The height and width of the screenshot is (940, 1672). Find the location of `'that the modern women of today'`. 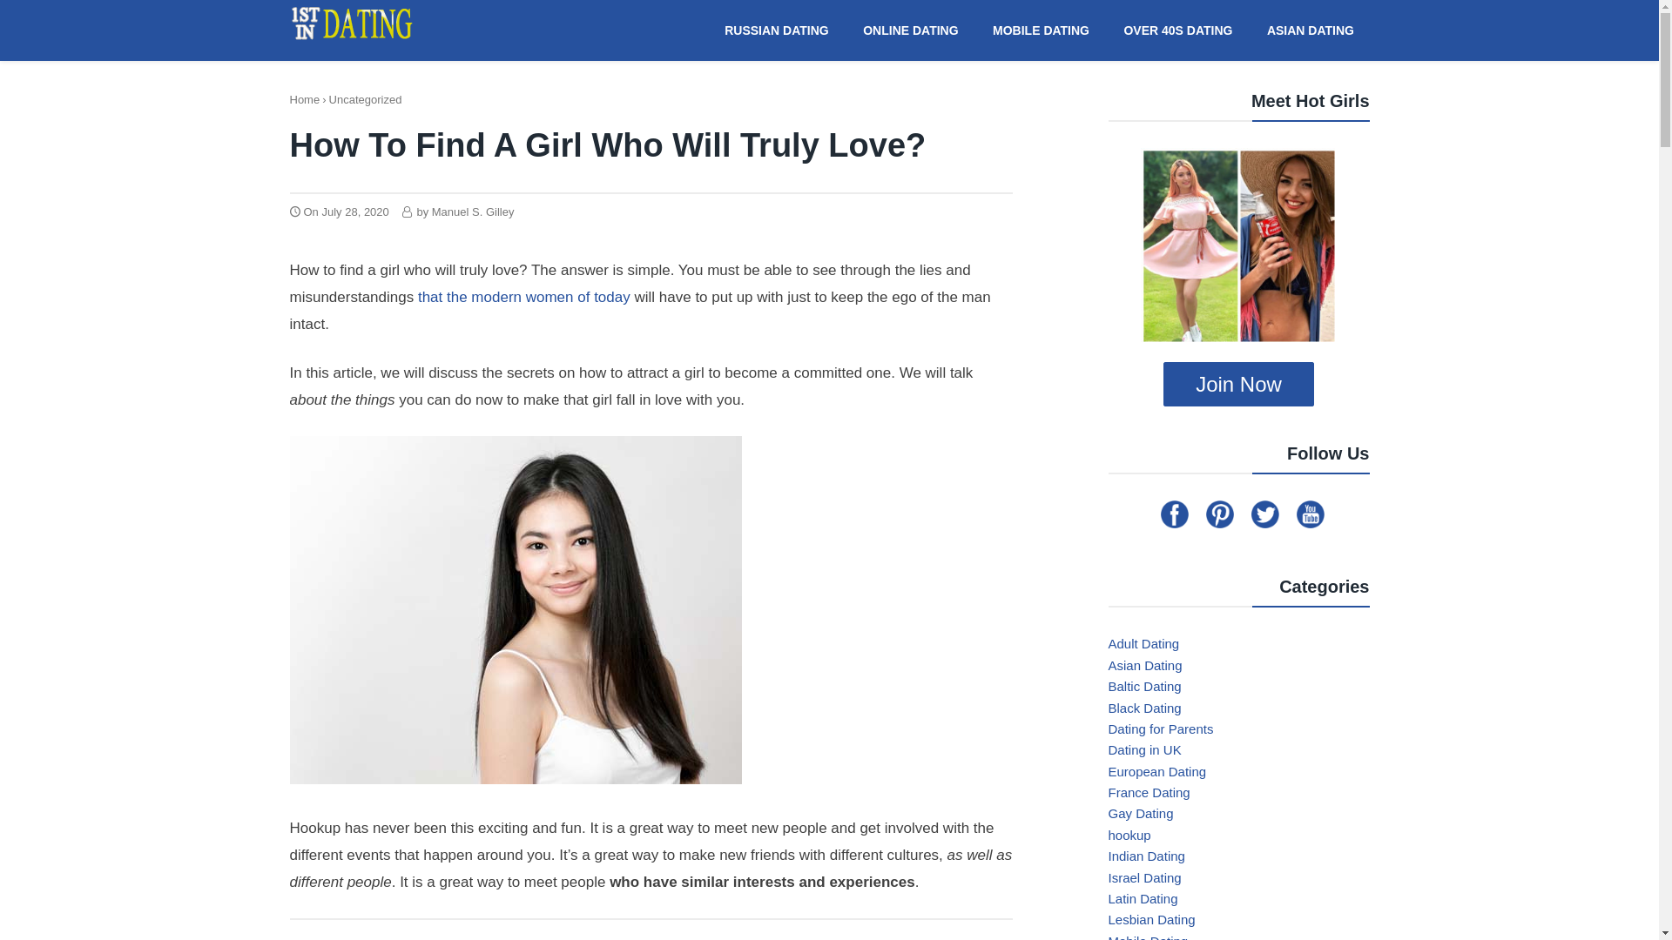

'that the modern women of today' is located at coordinates (521, 296).